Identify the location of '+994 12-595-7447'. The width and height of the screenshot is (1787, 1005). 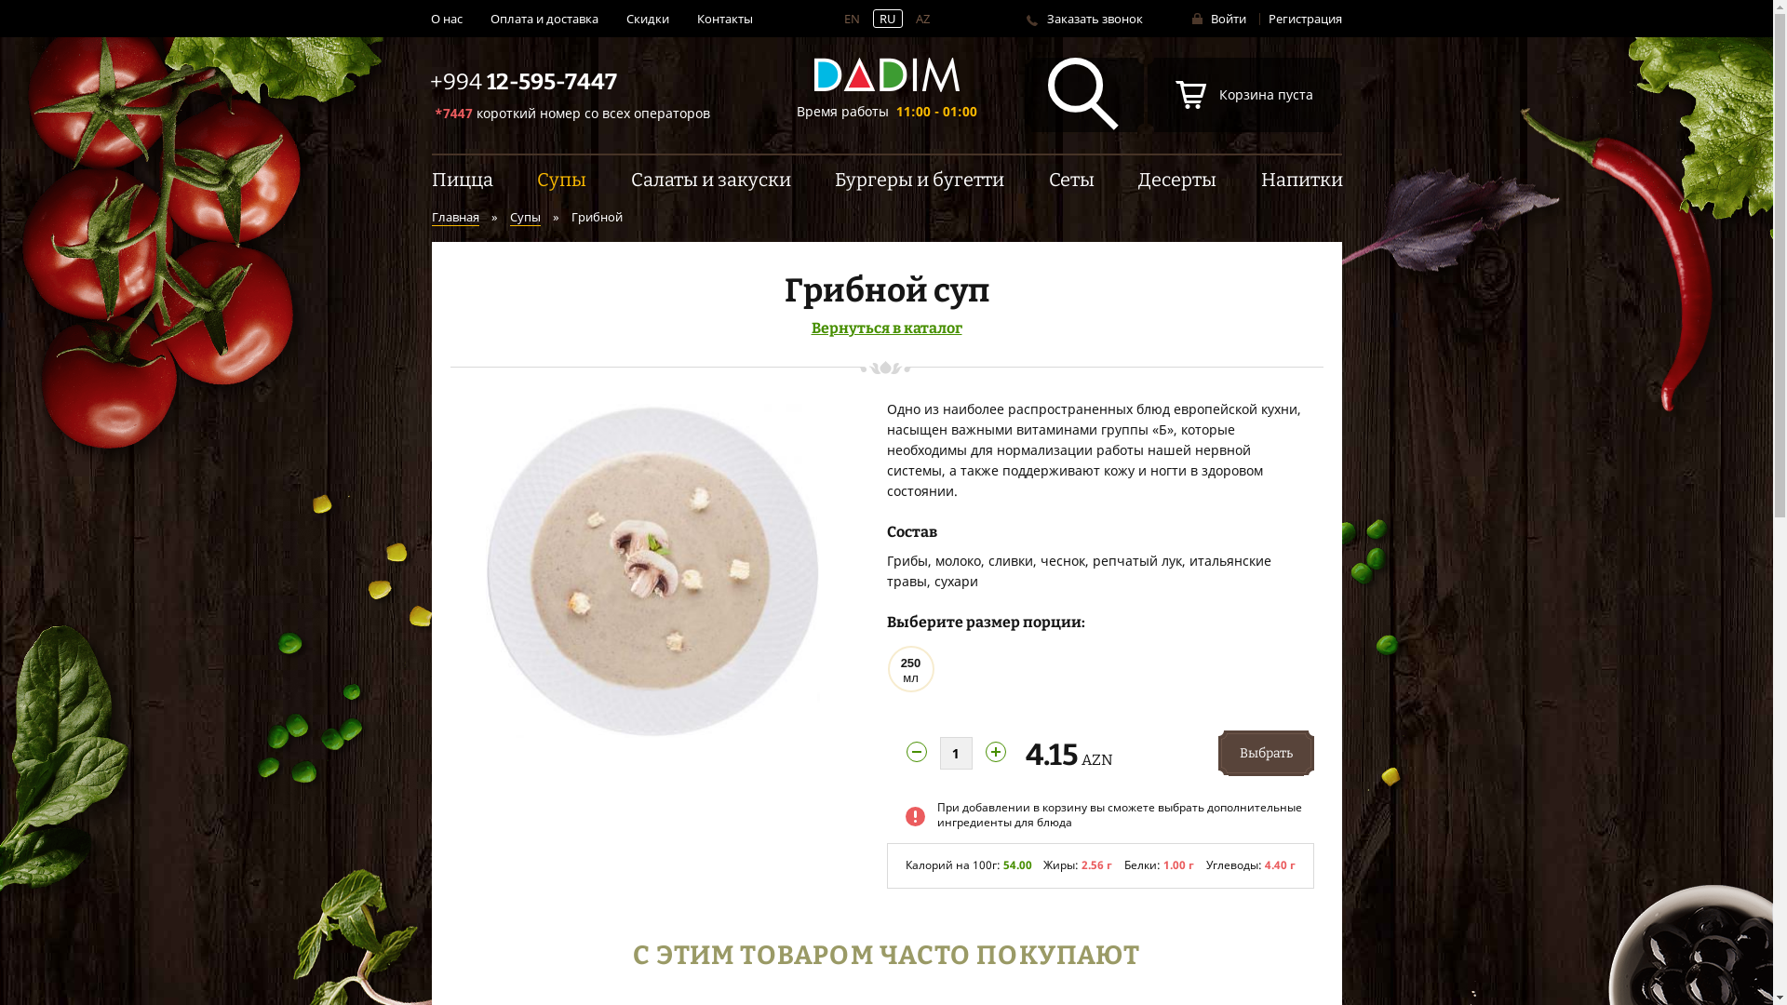
(522, 81).